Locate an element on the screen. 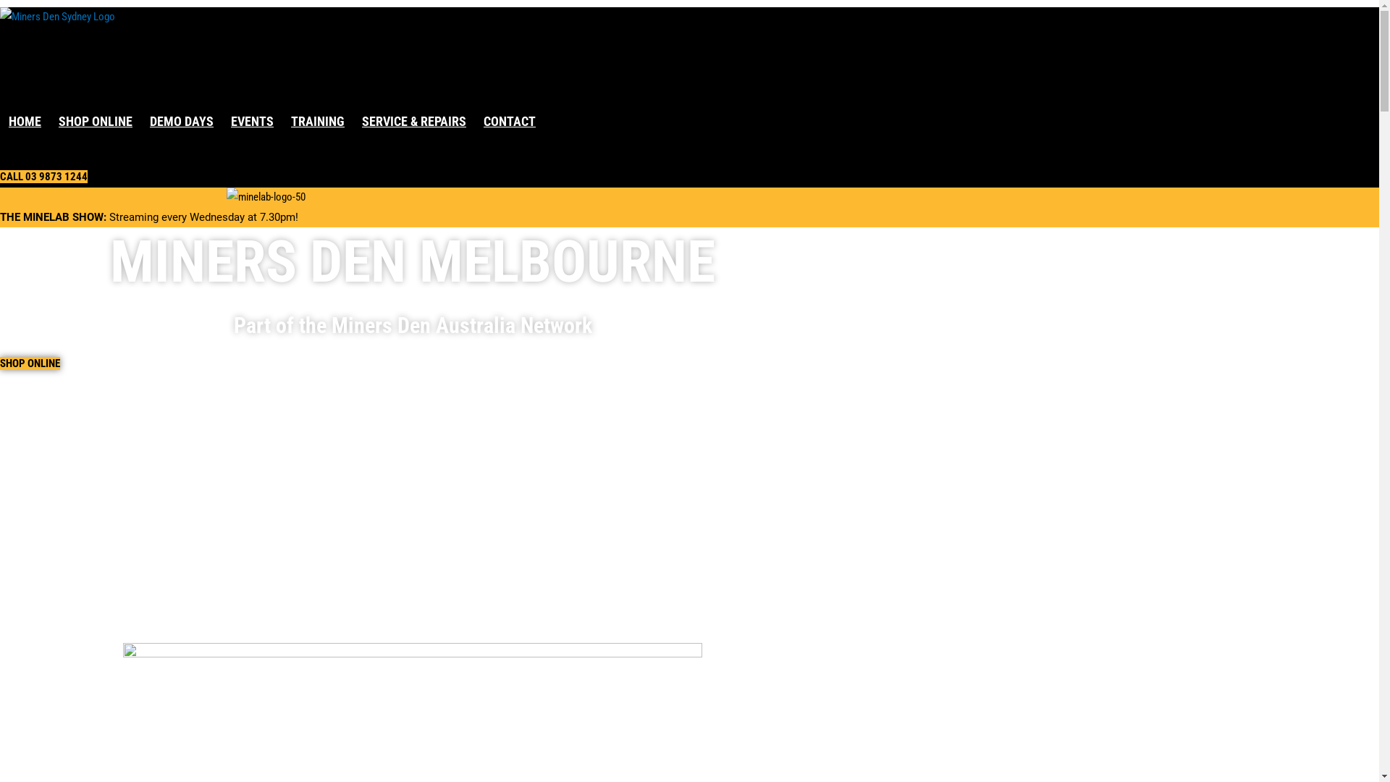 The image size is (1390, 782). 'SHOP ONLINE' is located at coordinates (0, 362).